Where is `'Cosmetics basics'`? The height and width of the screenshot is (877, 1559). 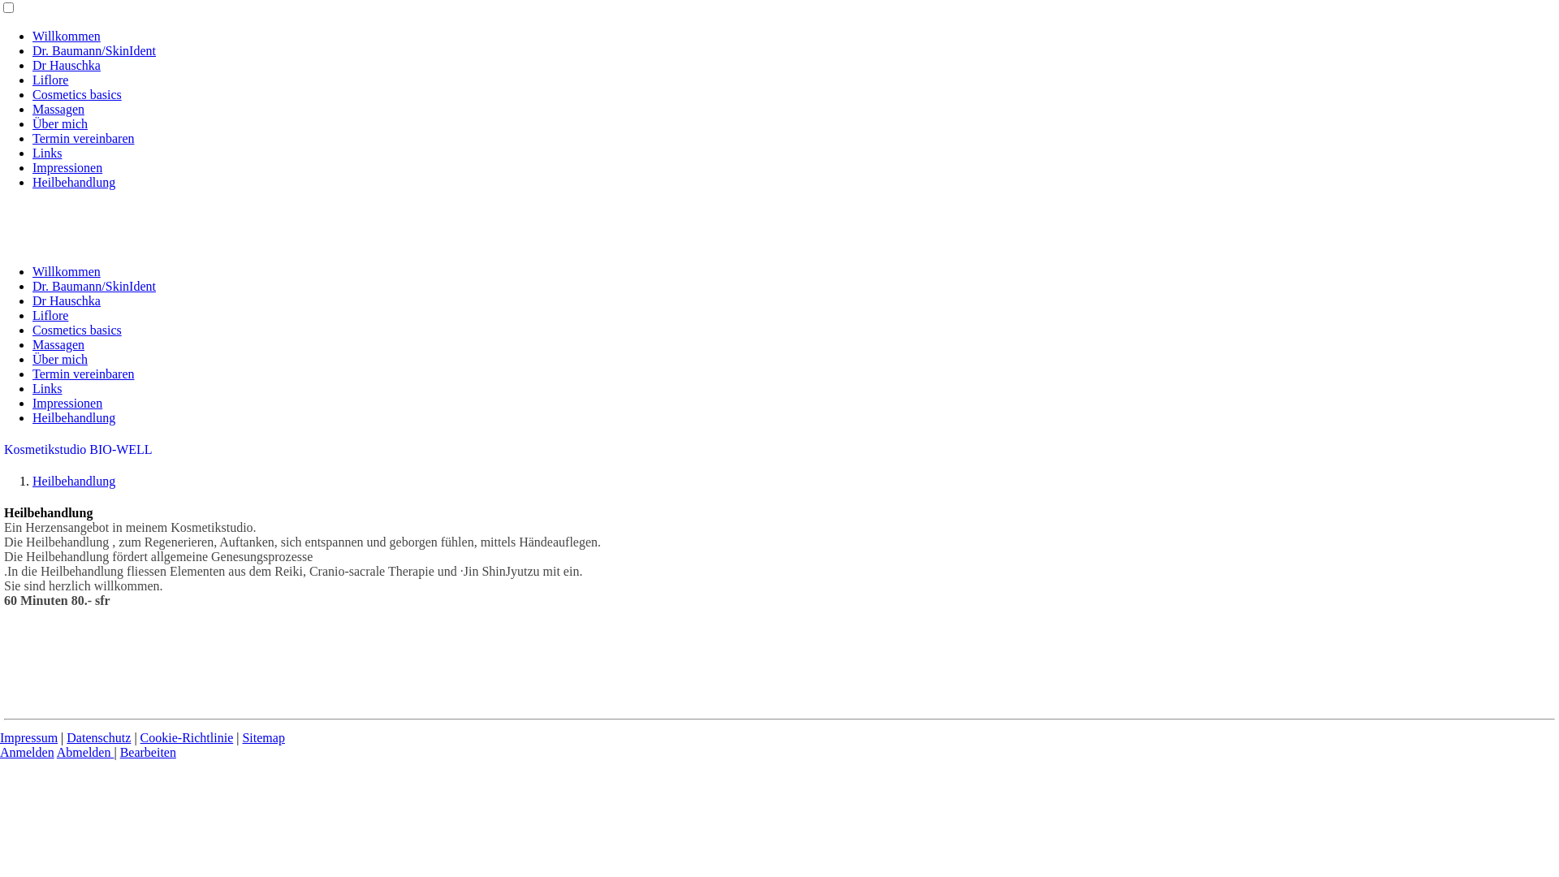 'Cosmetics basics' is located at coordinates (76, 94).